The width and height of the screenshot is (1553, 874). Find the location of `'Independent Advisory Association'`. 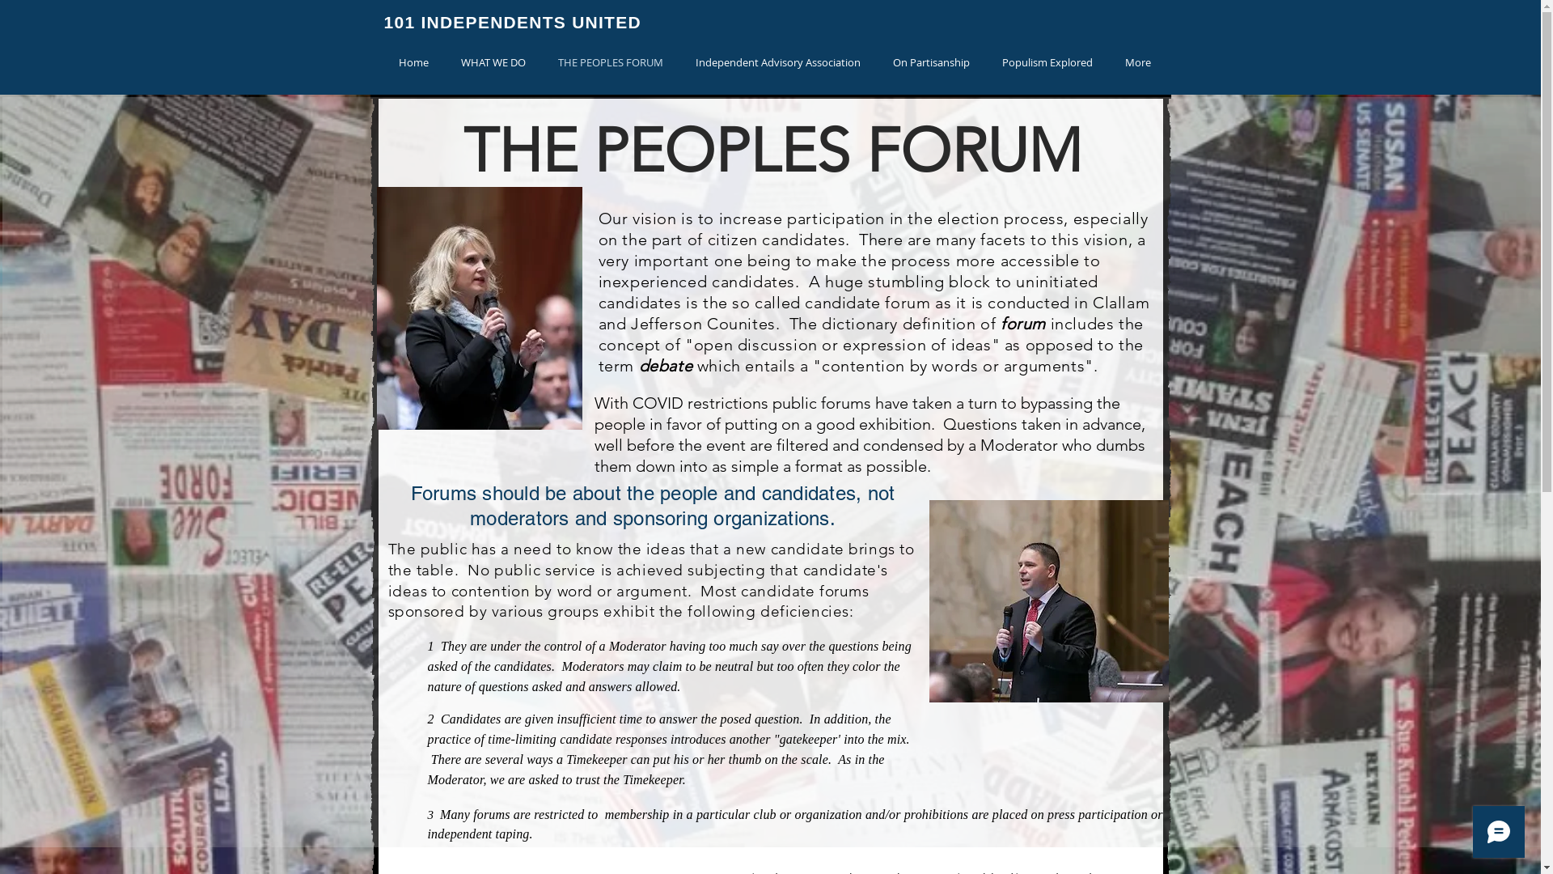

'Independent Advisory Association' is located at coordinates (777, 62).